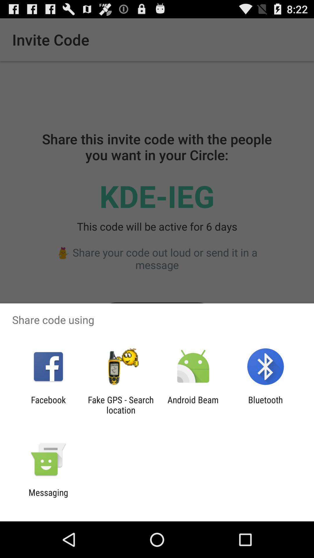 The width and height of the screenshot is (314, 558). What do you see at coordinates (120, 405) in the screenshot?
I see `the item next to facebook icon` at bounding box center [120, 405].